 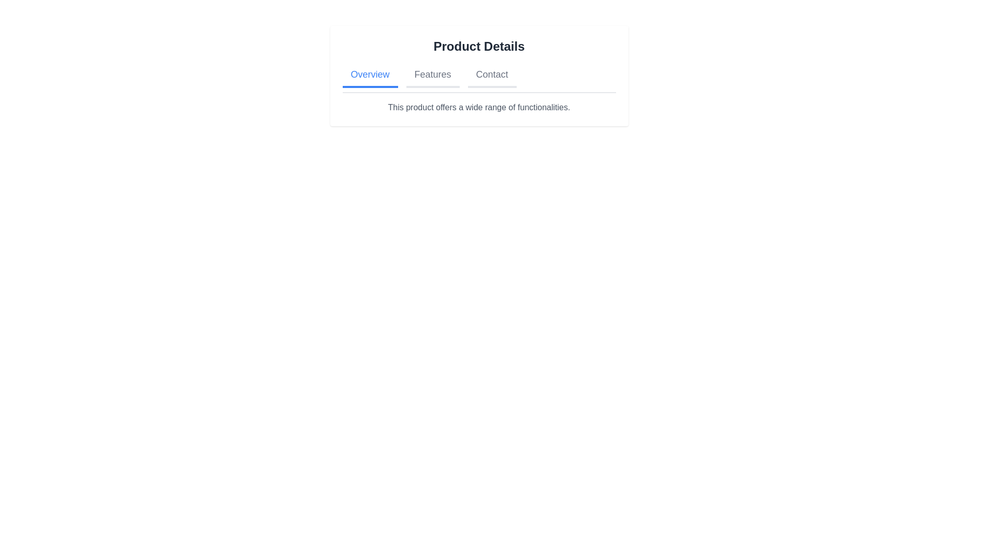 I want to click on the Plain text element that provides a description or summary of the product functionalities, located below the navigation section and under the title 'Product Details.', so click(x=478, y=108).